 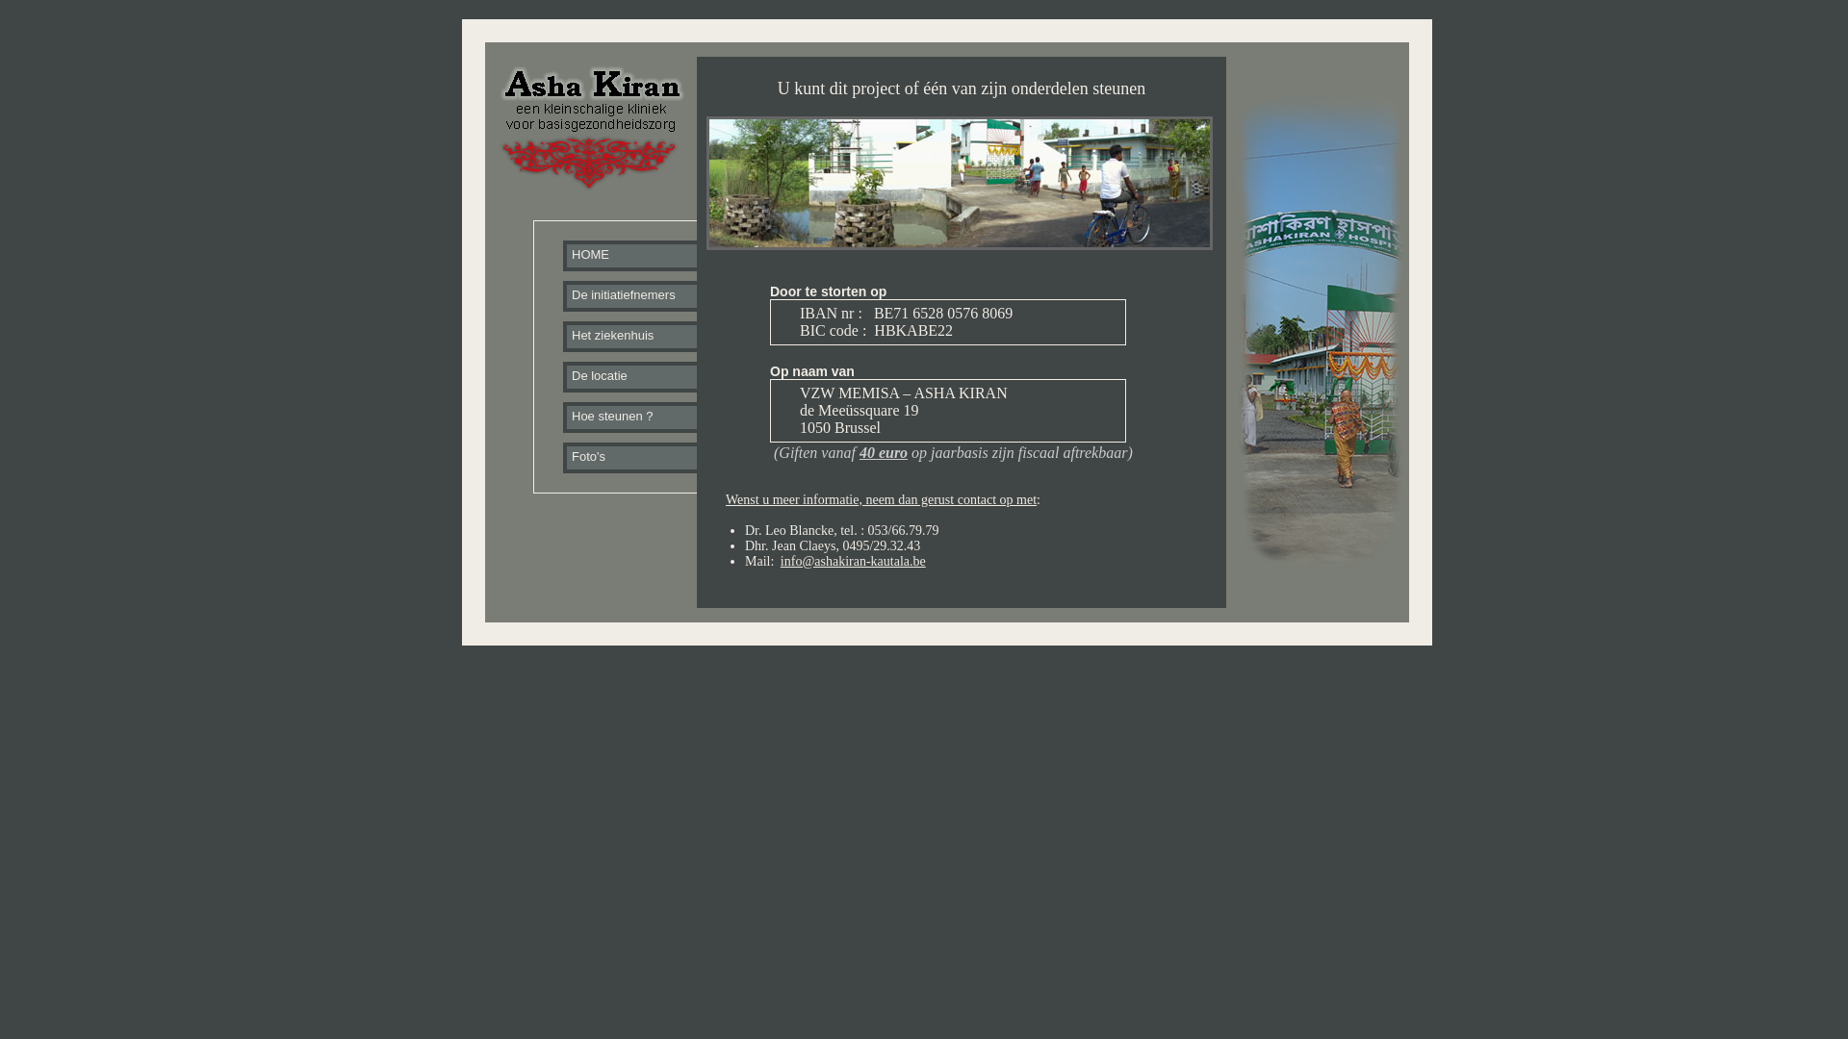 What do you see at coordinates (645, 256) in the screenshot?
I see `'HOME'` at bounding box center [645, 256].